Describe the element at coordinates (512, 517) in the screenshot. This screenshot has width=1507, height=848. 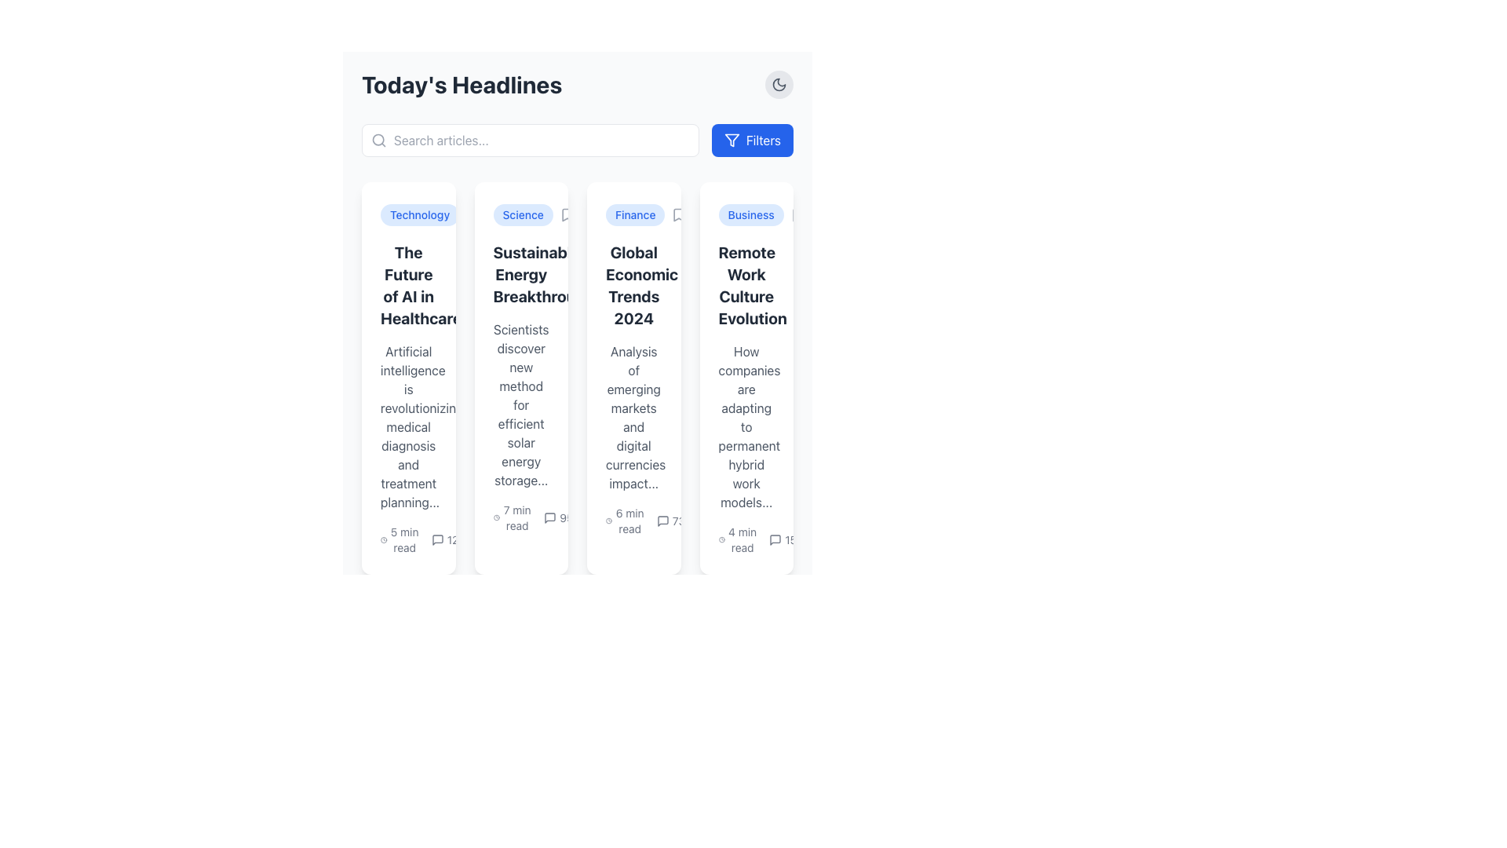
I see `informational label that indicates the approximate time required to read the content of the second card, located at the bottom of the card` at that location.